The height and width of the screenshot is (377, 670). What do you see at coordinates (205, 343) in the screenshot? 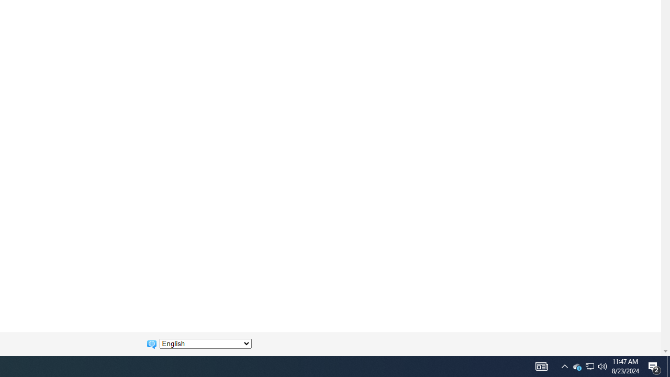
I see `'Change language:'` at bounding box center [205, 343].